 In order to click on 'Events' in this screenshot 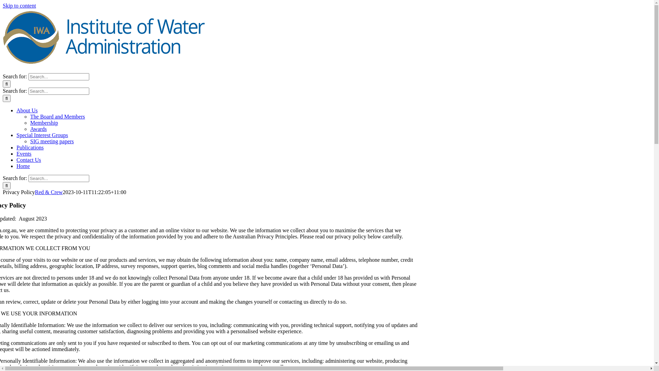, I will do `click(24, 153)`.